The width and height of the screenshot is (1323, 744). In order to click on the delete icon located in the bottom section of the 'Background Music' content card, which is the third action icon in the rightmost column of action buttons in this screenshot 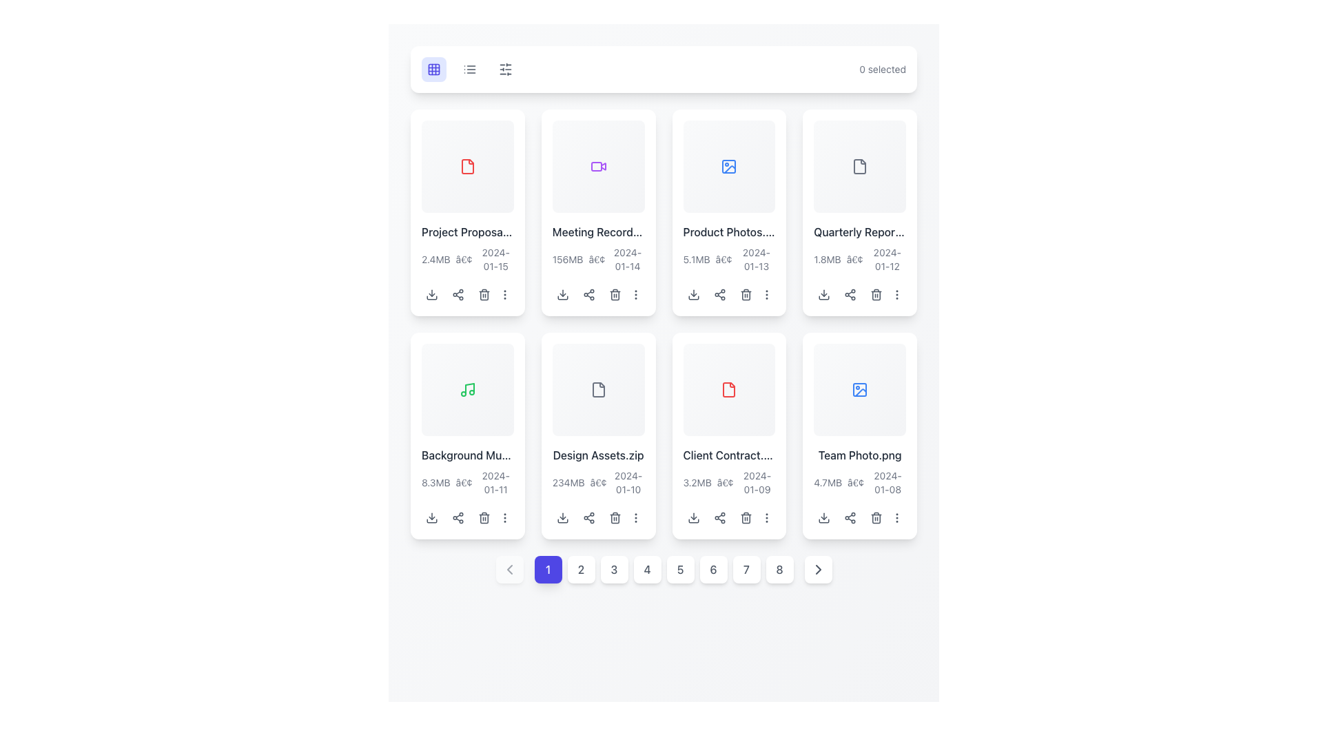, I will do `click(484, 517)`.